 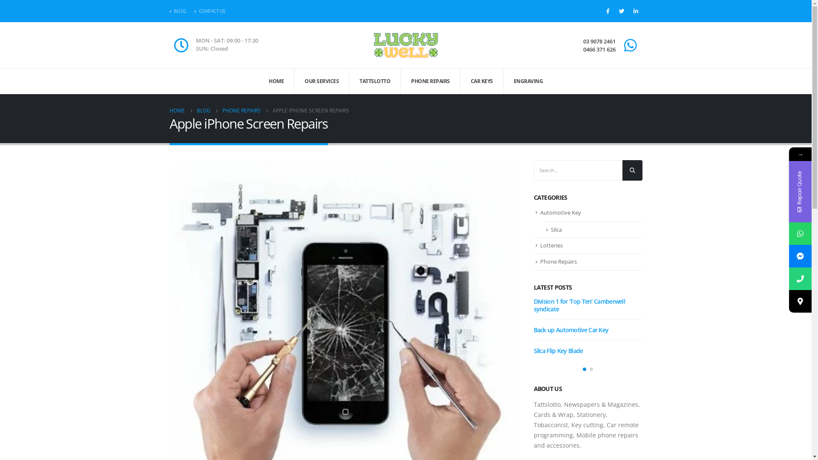 I want to click on 'OUR SERVICES', so click(x=321, y=81).